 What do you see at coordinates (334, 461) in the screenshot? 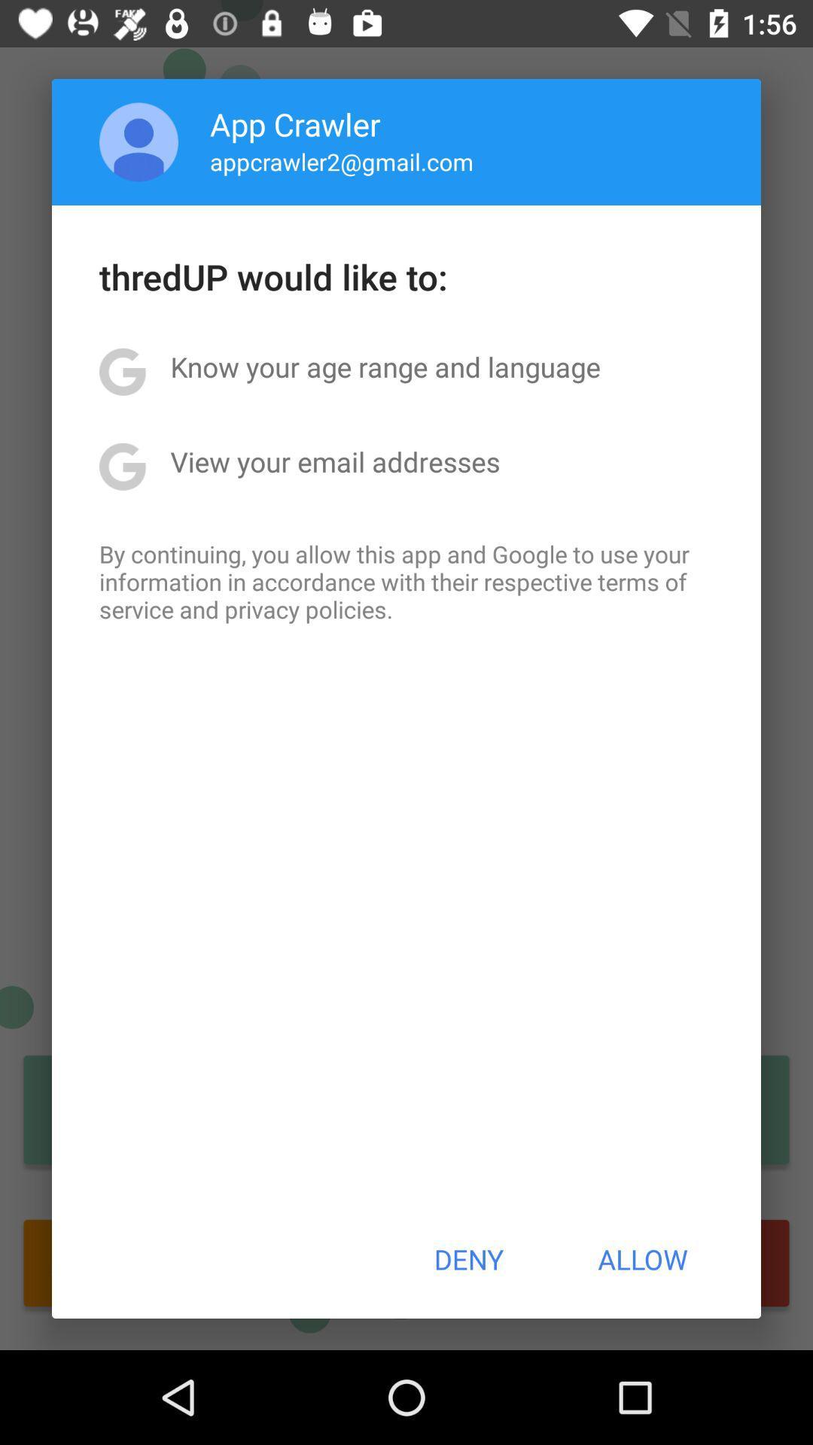
I see `the view your email app` at bounding box center [334, 461].